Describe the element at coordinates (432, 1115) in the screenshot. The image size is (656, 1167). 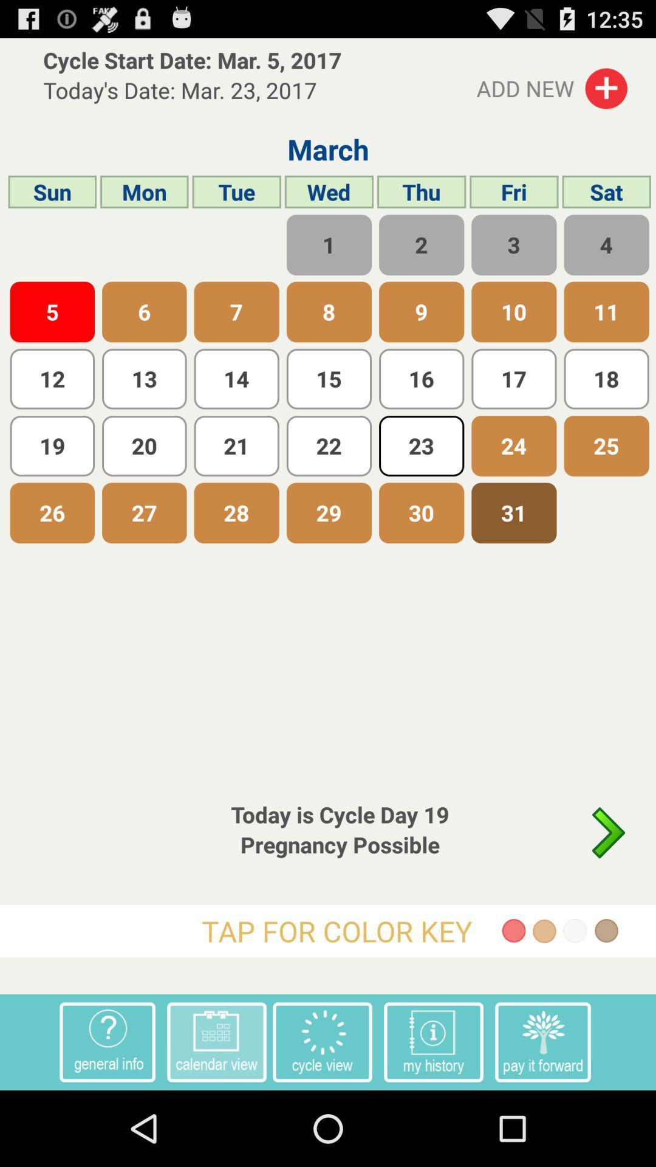
I see `the info icon` at that location.